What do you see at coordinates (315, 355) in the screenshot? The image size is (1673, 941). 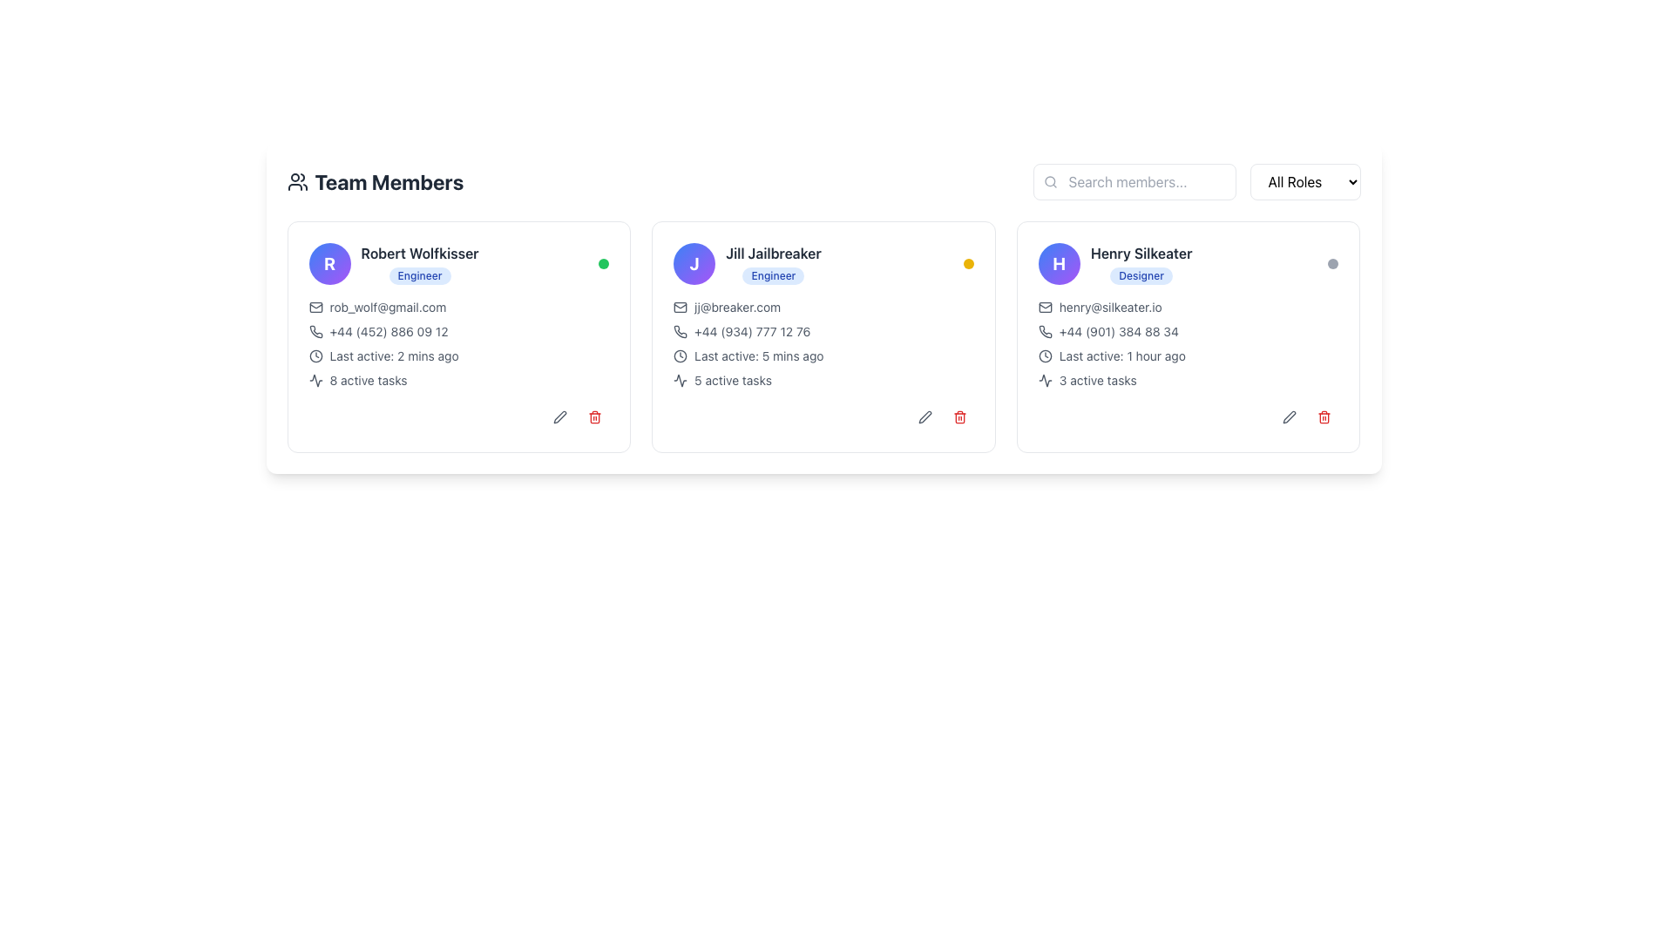 I see `the time icon located to the left of the 'Last active: 2 mins ago' text` at bounding box center [315, 355].